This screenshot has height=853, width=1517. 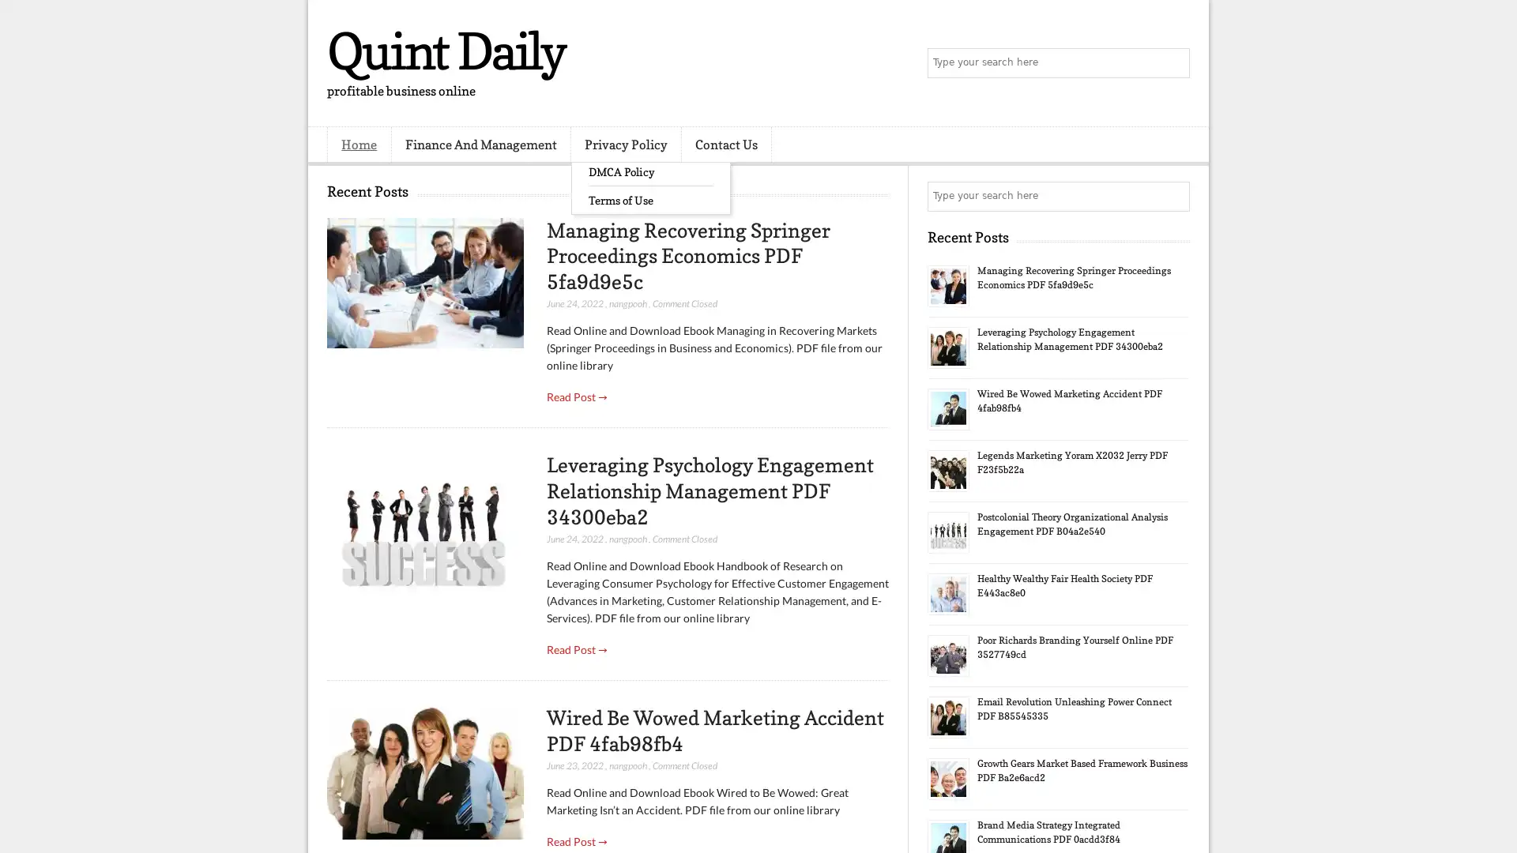 I want to click on Search, so click(x=1173, y=63).